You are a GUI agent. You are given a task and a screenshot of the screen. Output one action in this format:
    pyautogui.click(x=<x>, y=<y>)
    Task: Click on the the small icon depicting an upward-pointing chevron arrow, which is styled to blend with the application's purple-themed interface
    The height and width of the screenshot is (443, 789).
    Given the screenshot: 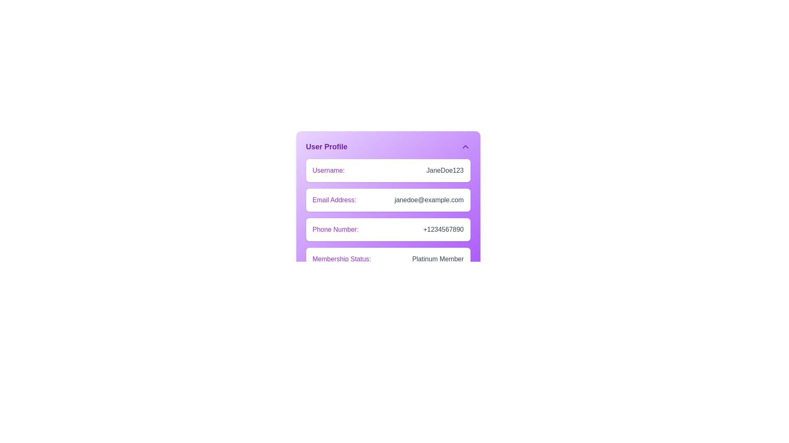 What is the action you would take?
    pyautogui.click(x=465, y=146)
    